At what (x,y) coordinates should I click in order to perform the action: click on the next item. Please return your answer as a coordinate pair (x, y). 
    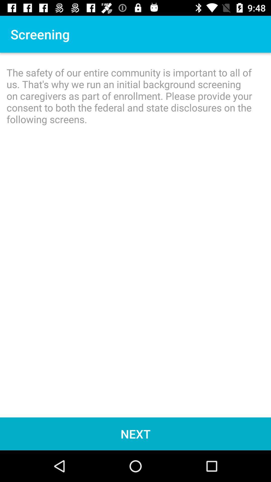
    Looking at the image, I should click on (135, 434).